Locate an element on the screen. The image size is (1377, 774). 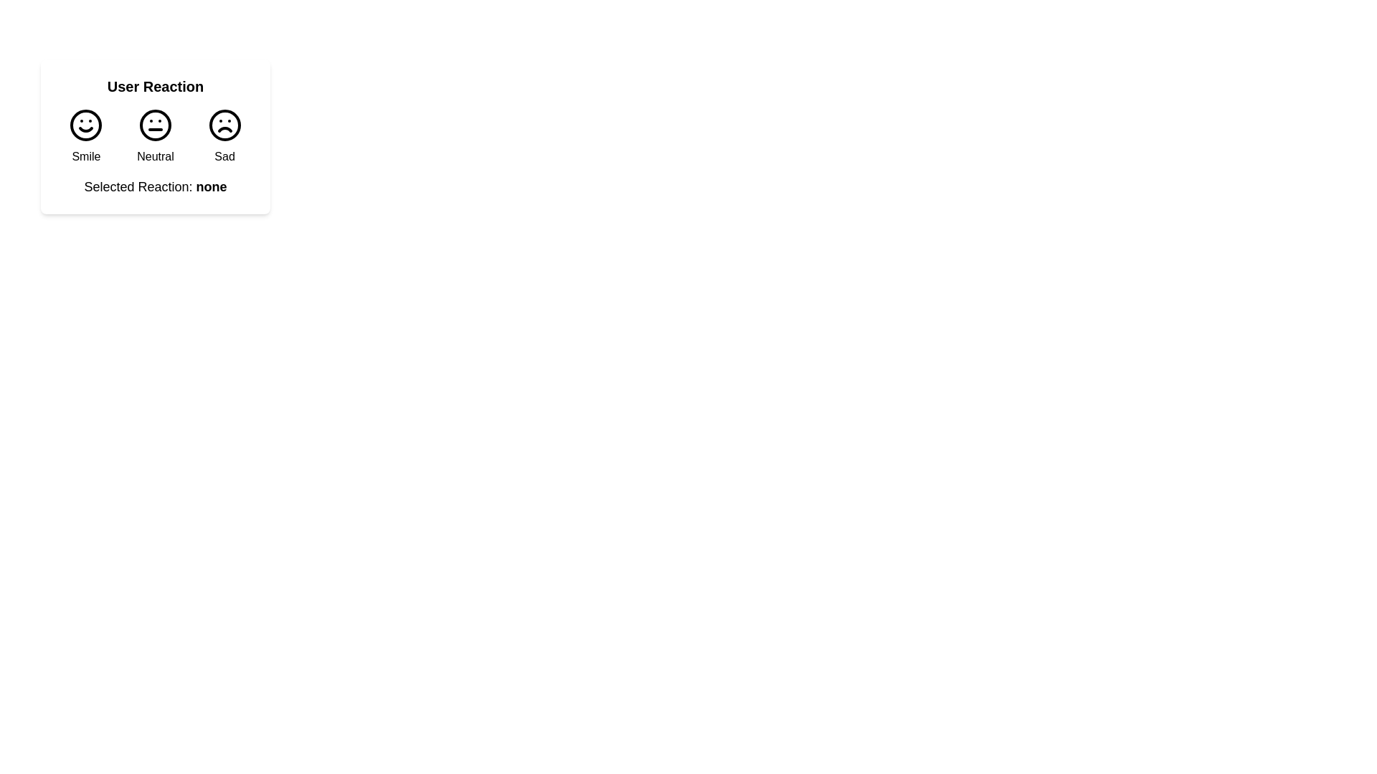
the 'Sad' reaction button is located at coordinates (224, 137).